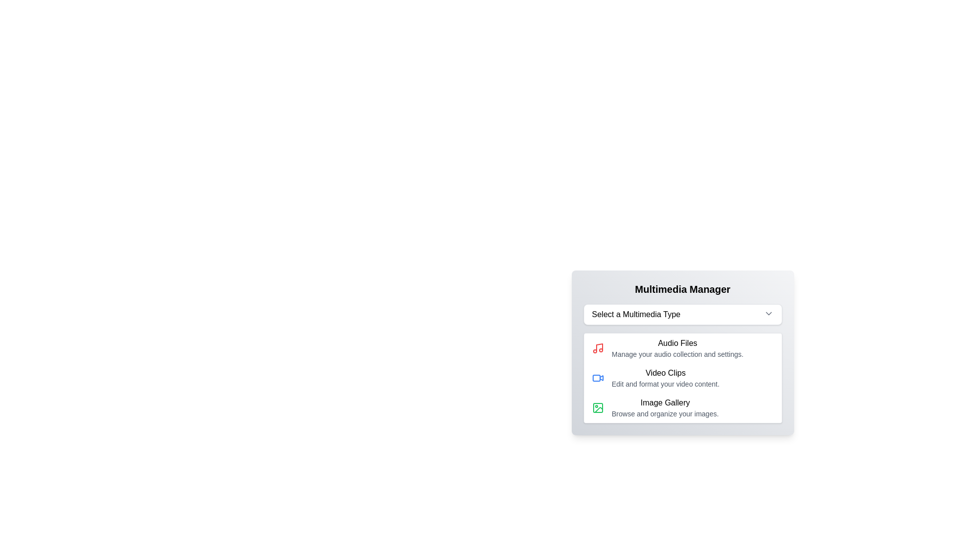  I want to click on the selectable option in the 'Multimedia Manager' panel that likely navigates to video editing and formatting functionalities, so click(682, 378).